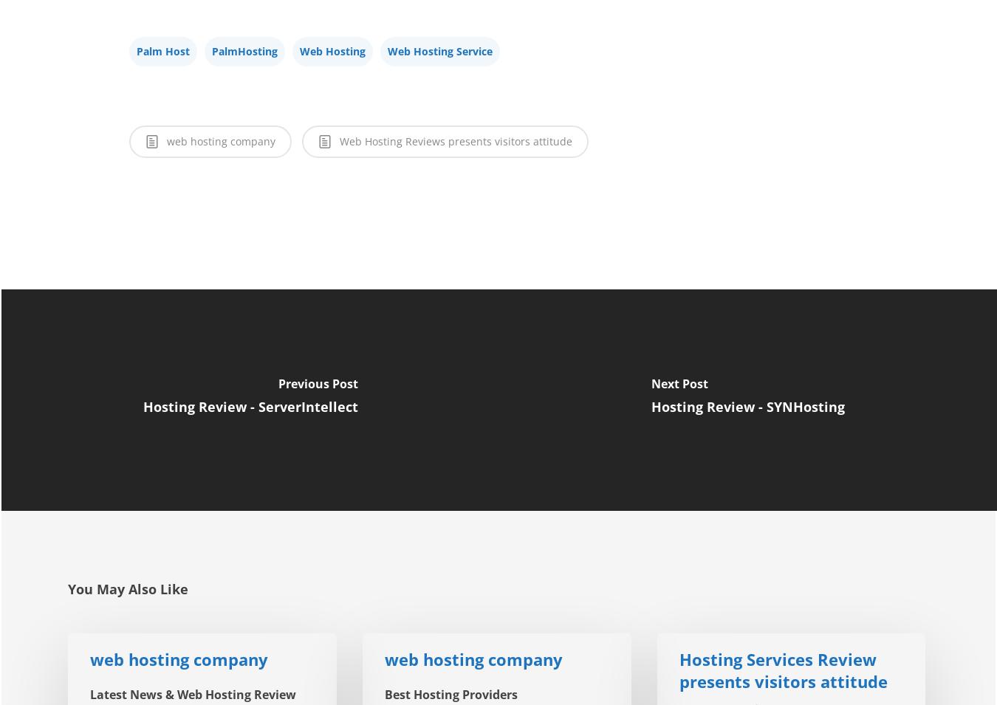  Describe the element at coordinates (128, 588) in the screenshot. I see `'You May Also Like'` at that location.